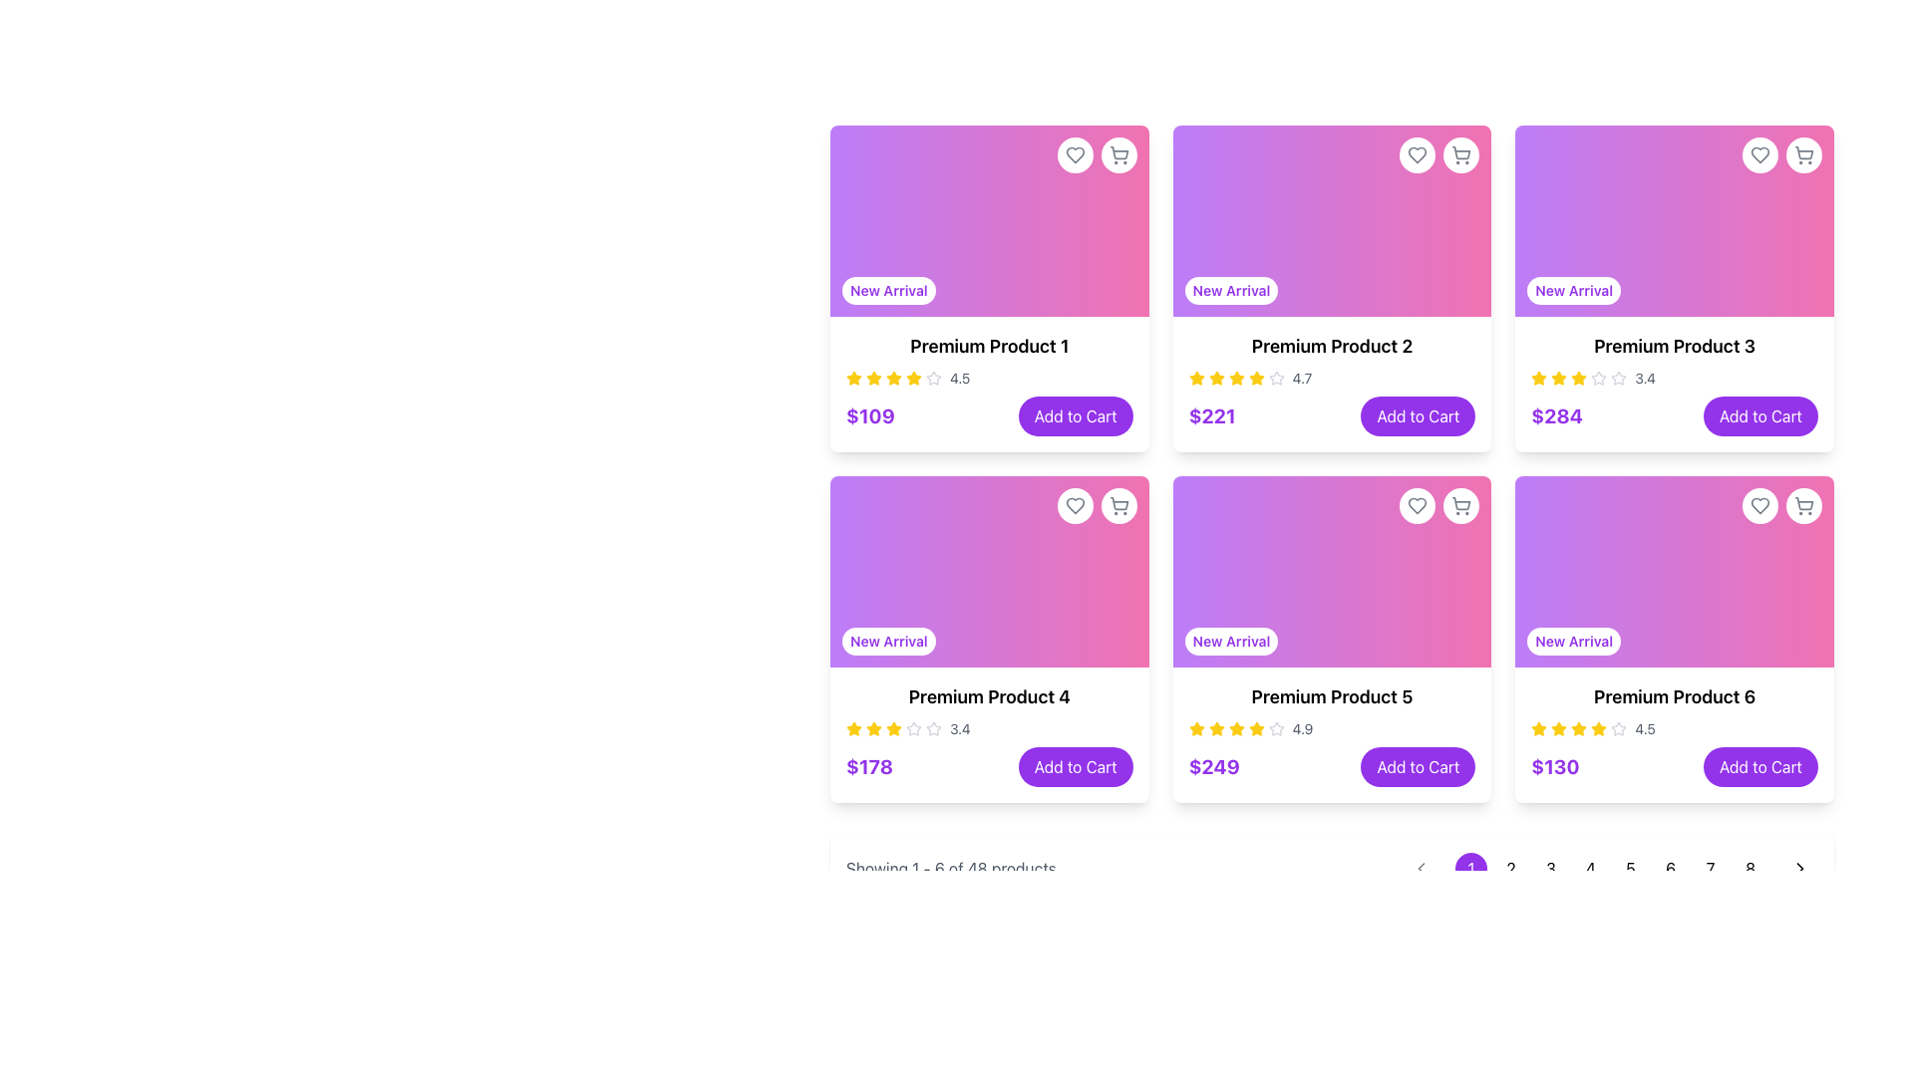 Image resolution: width=1914 pixels, height=1076 pixels. What do you see at coordinates (1096, 505) in the screenshot?
I see `the right button with the shopping cart icon to add the item to the cart` at bounding box center [1096, 505].